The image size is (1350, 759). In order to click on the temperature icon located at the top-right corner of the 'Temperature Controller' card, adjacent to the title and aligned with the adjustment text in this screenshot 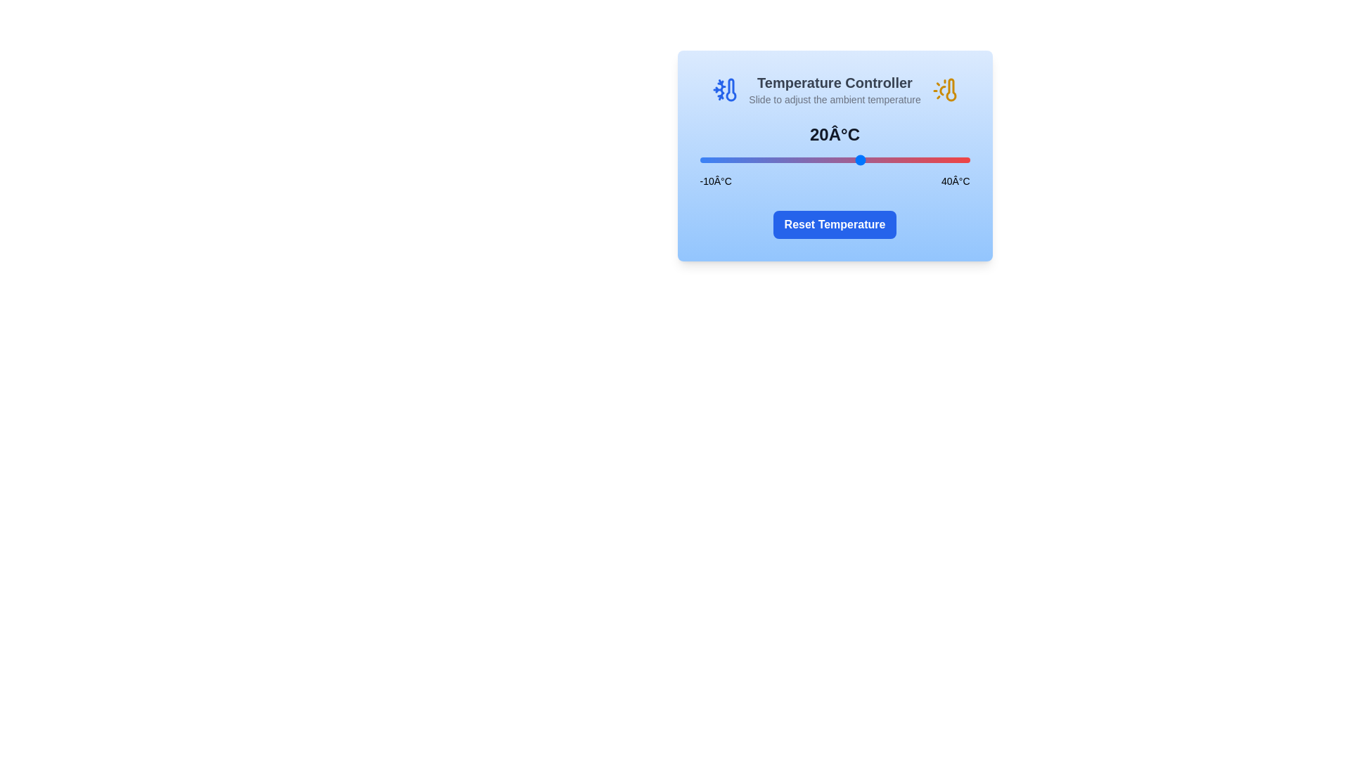, I will do `click(951, 89)`.